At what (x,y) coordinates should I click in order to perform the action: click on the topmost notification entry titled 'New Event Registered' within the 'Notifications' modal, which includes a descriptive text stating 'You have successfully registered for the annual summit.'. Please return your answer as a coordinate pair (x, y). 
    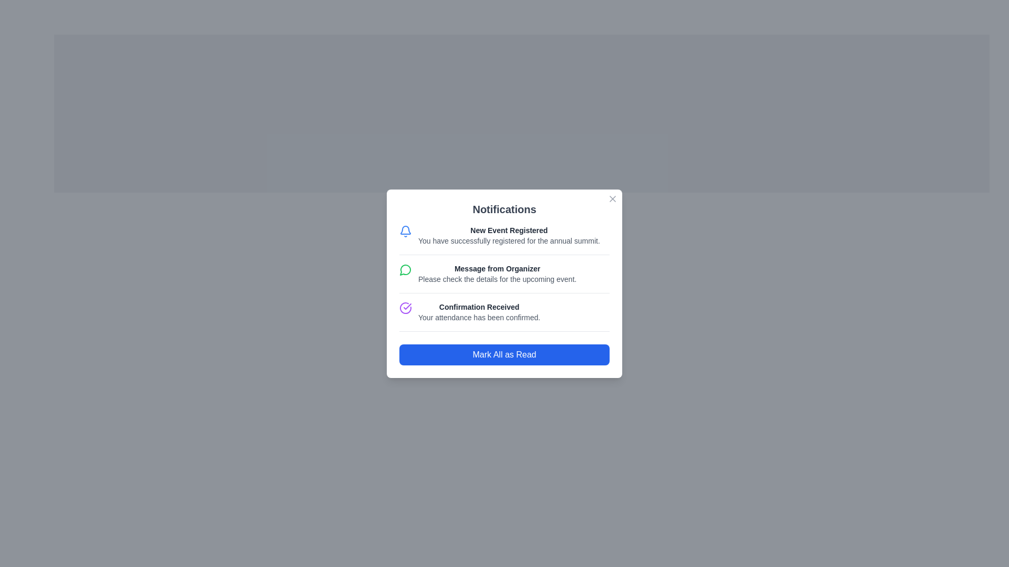
    Looking at the image, I should click on (509, 235).